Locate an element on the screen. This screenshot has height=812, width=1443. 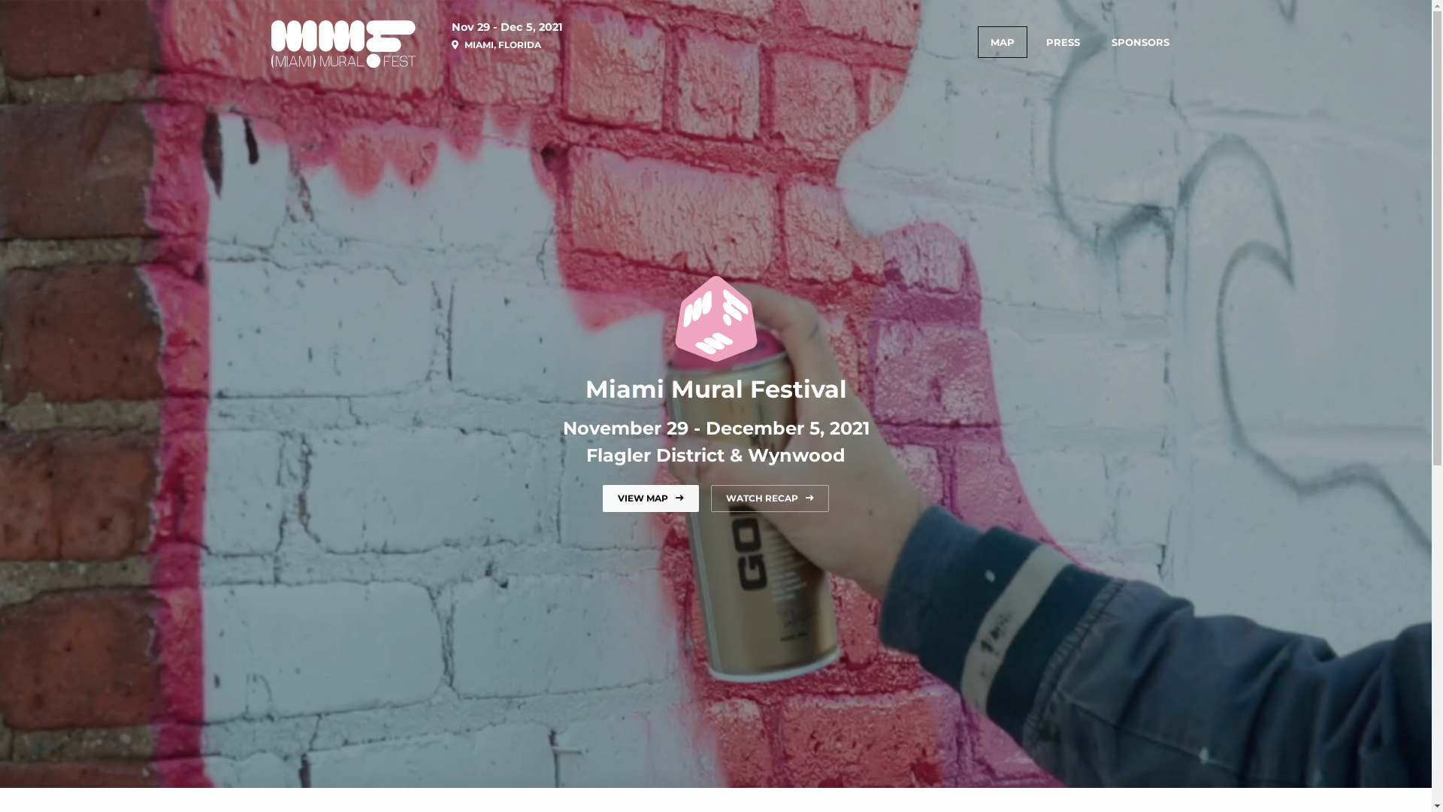
'VIEW MAP' is located at coordinates (650, 498).